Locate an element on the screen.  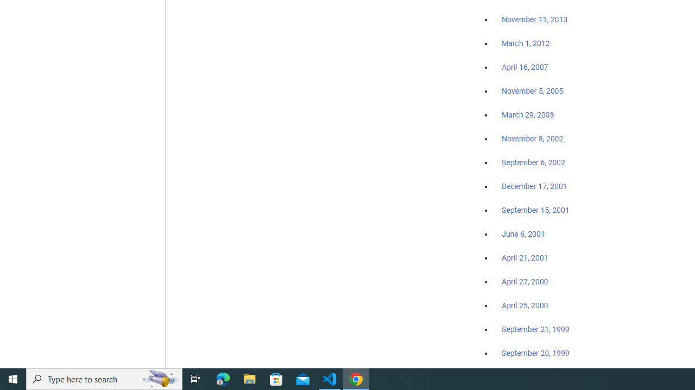
'April 27, 2000' is located at coordinates (525, 281).